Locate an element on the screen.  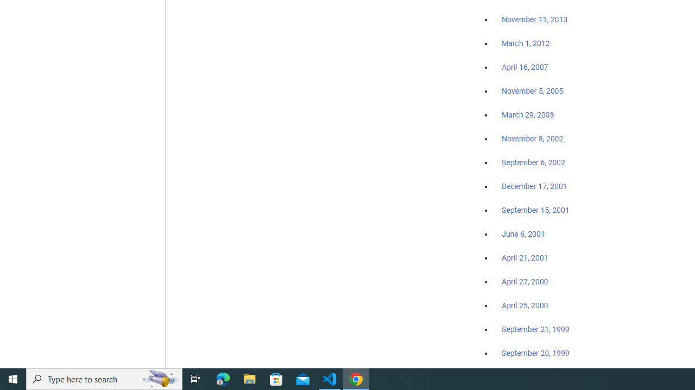
'April 27, 2000' is located at coordinates (525, 281).